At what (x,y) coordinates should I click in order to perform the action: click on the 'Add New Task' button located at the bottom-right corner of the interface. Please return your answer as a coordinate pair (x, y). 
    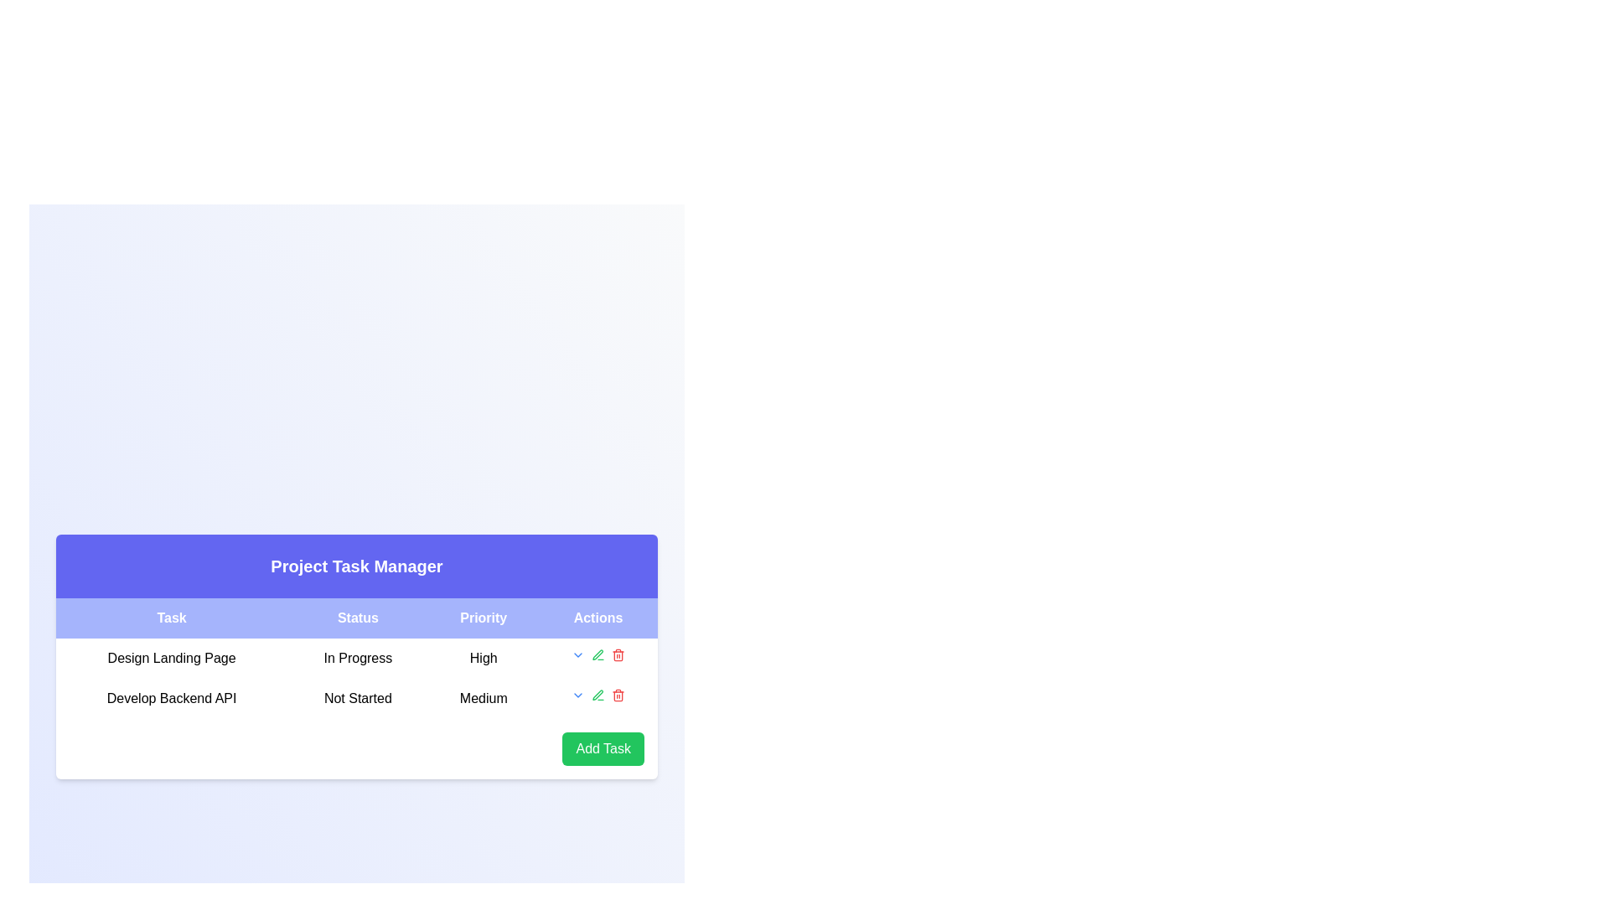
    Looking at the image, I should click on (603, 748).